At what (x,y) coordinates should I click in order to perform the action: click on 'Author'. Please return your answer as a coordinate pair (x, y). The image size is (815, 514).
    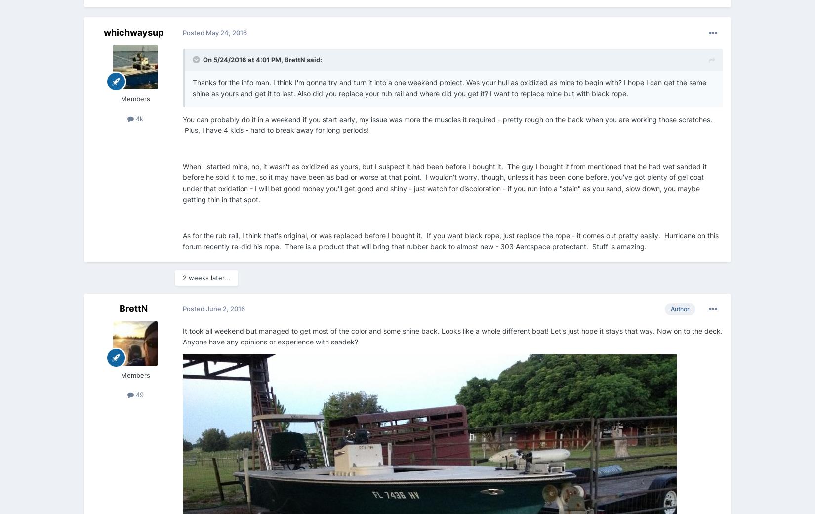
    Looking at the image, I should click on (679, 308).